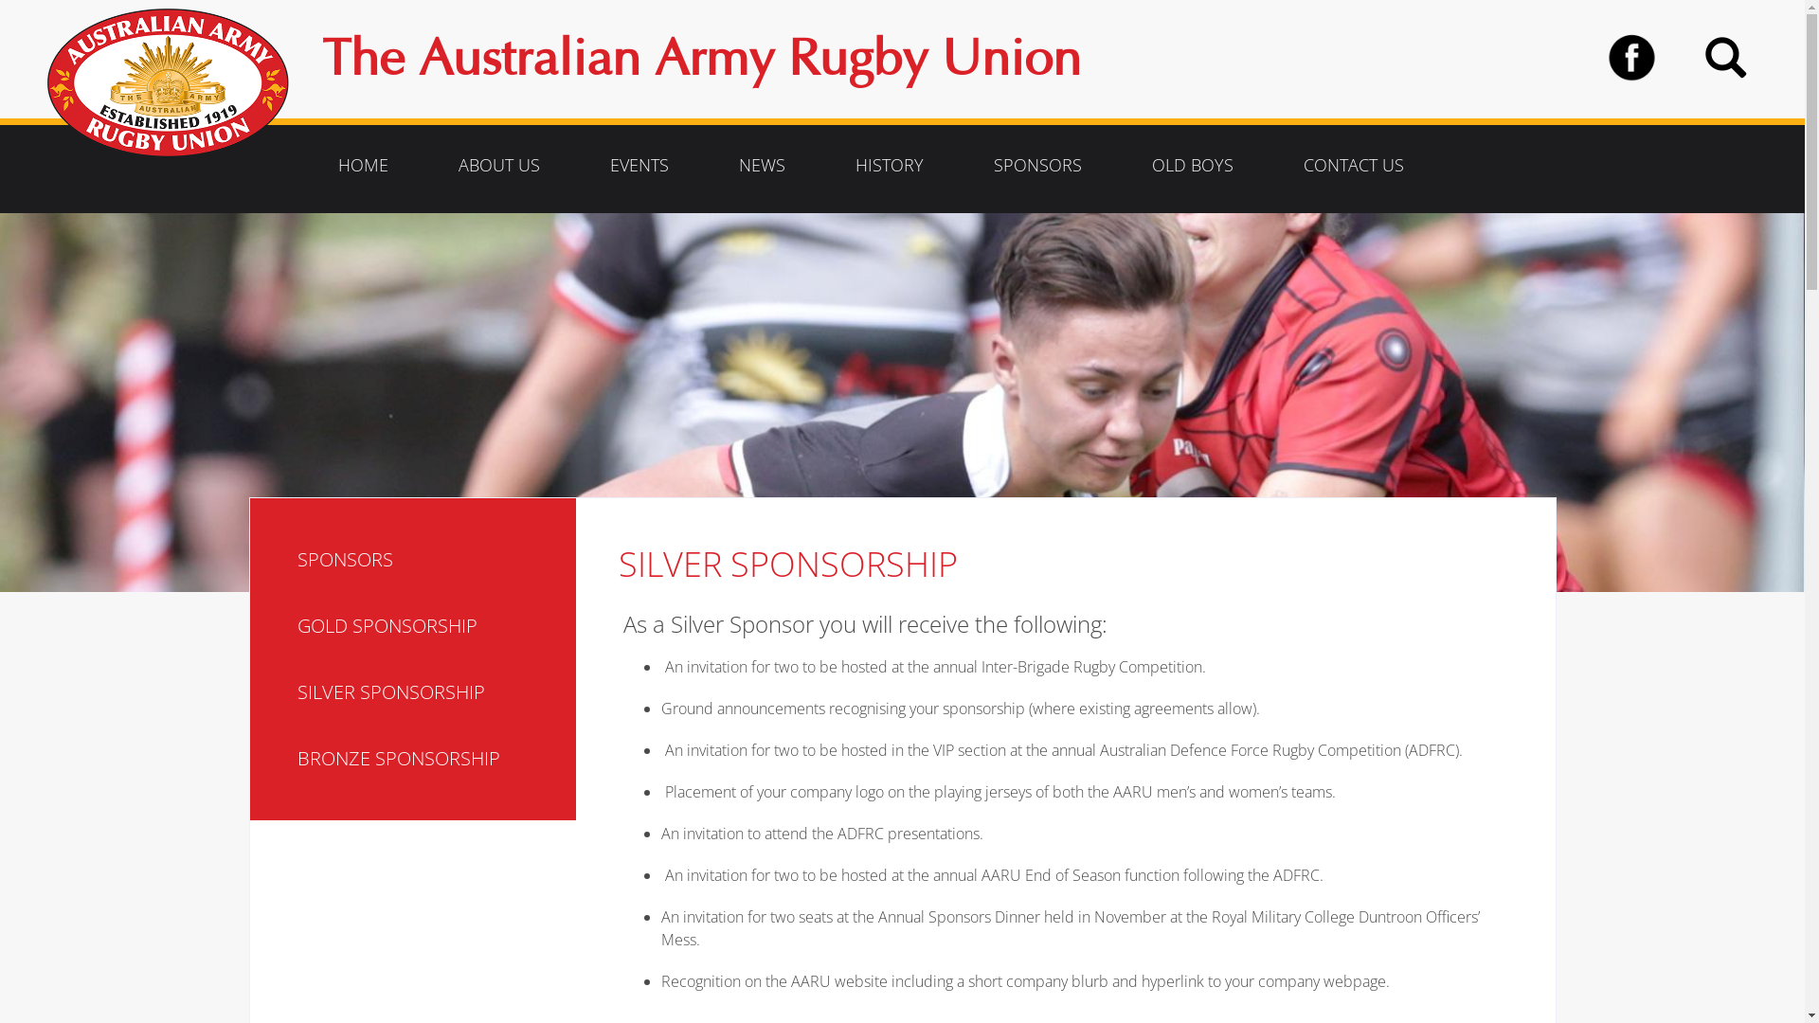  I want to click on 'SPONSORS', so click(429, 558).